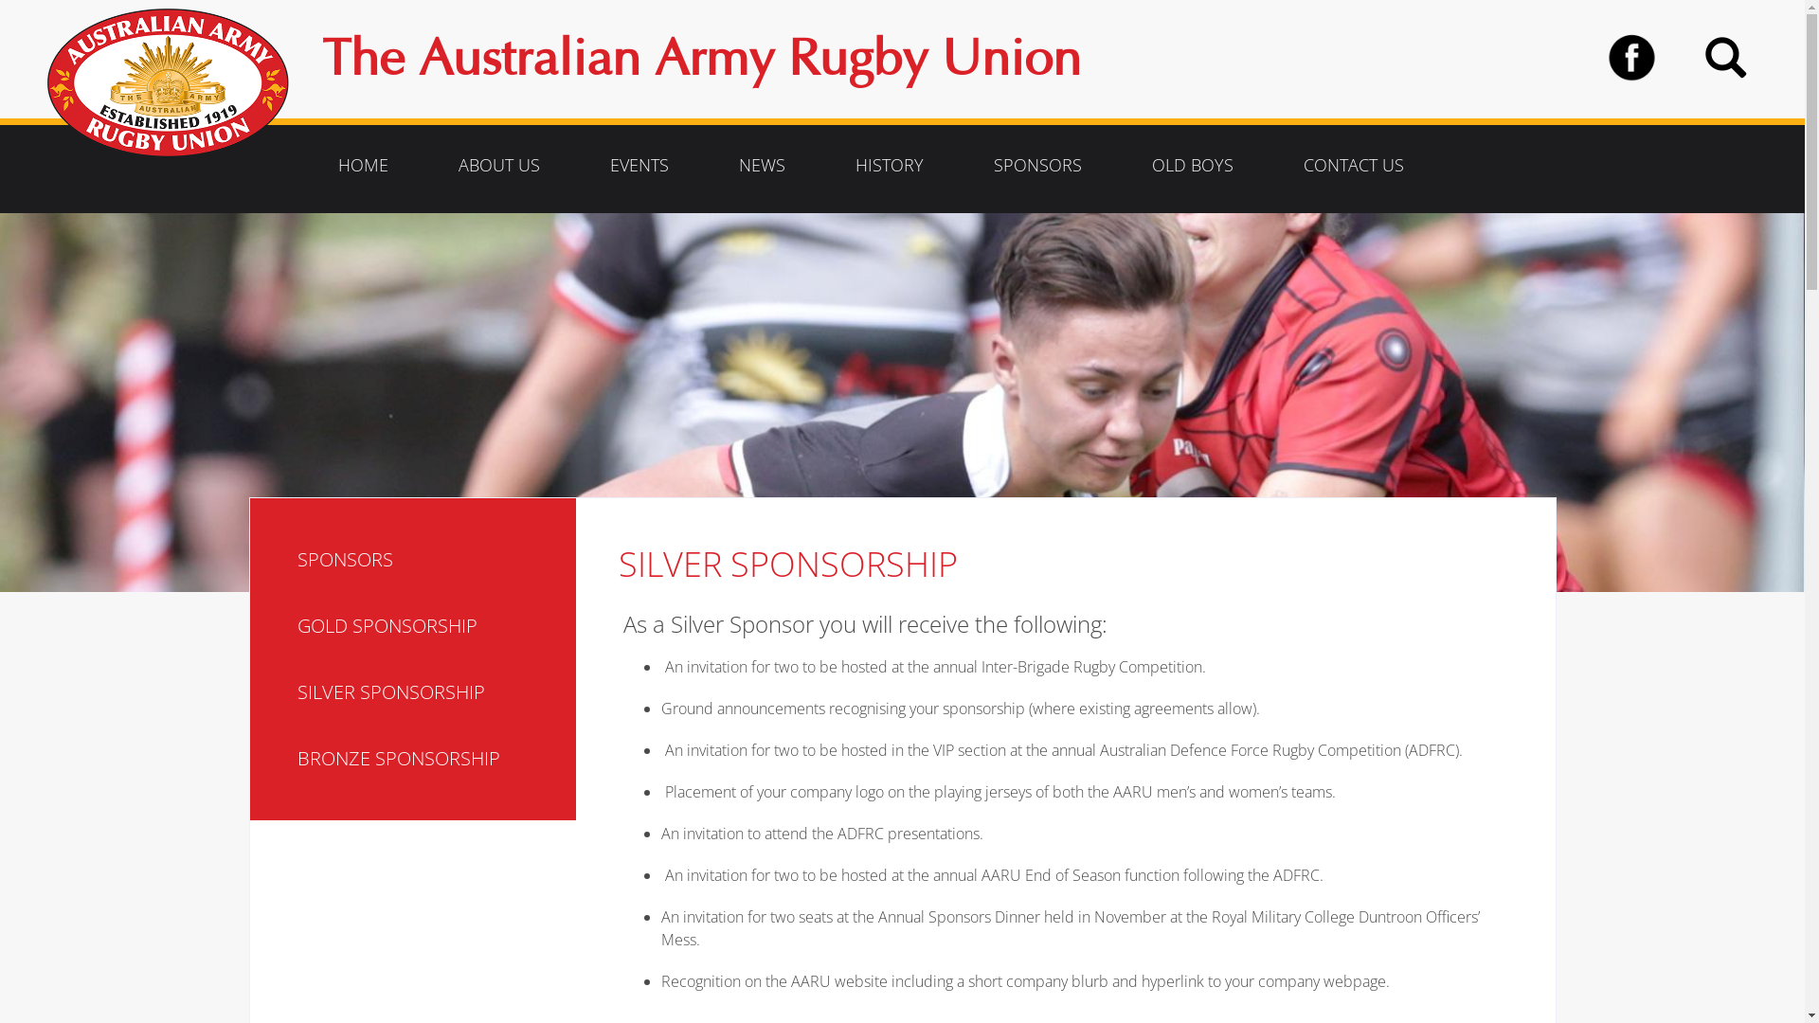  I want to click on 'SPONSORS', so click(429, 558).